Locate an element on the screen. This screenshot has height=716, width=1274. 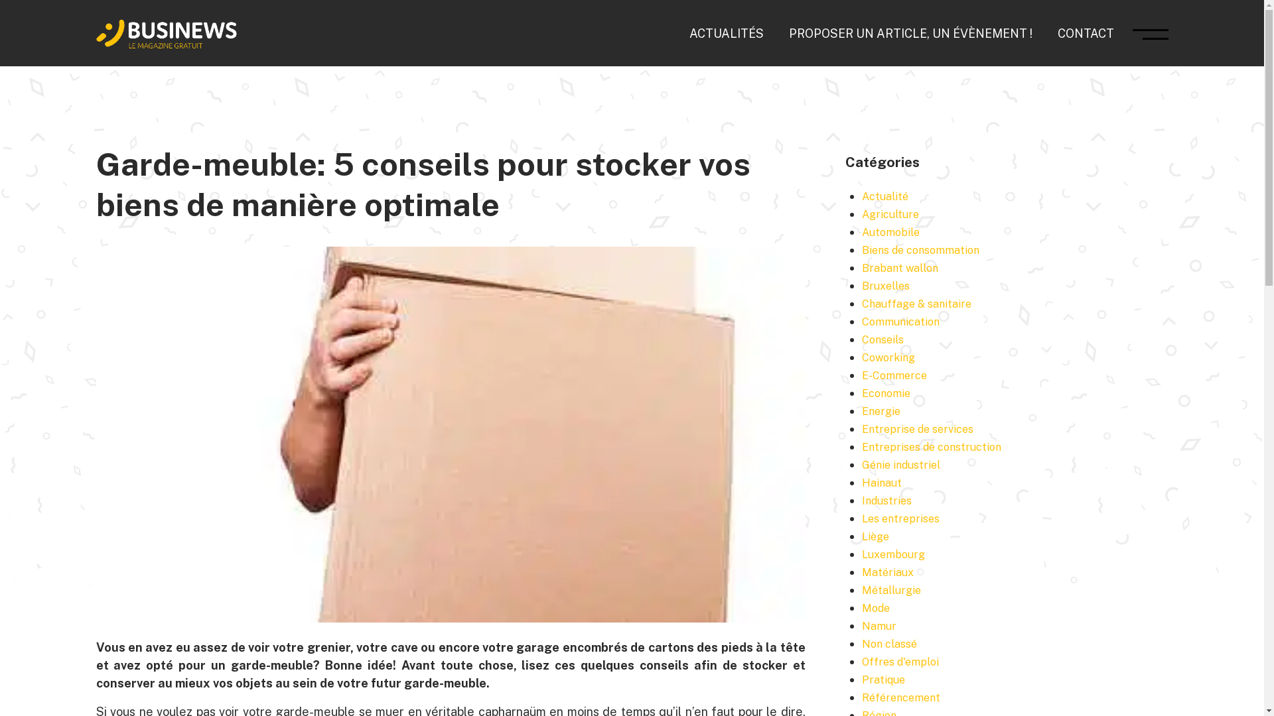
'Chauffage & sanitaire' is located at coordinates (916, 304).